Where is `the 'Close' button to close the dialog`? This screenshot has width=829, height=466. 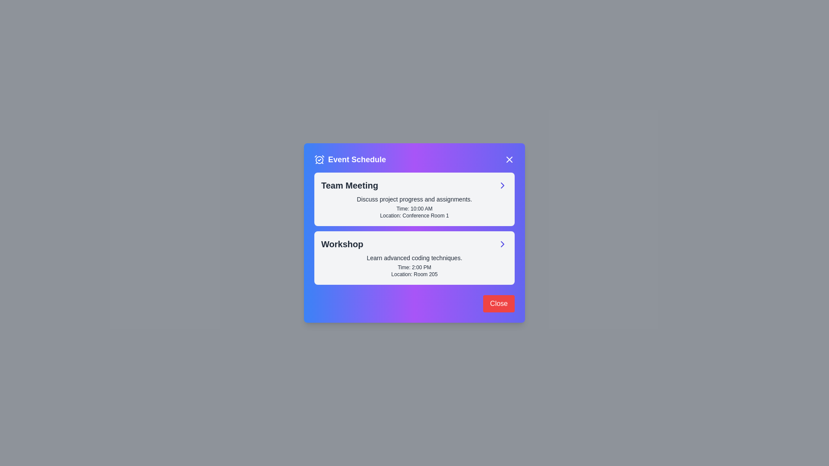
the 'Close' button to close the dialog is located at coordinates (499, 303).